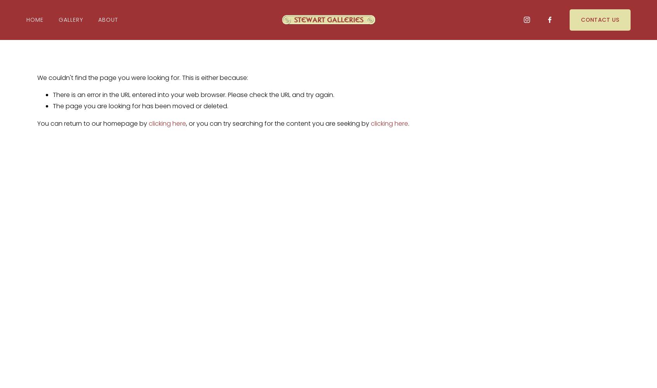  I want to click on 'There is an error in the URL entered into your web browser. Please check the URL and try again.', so click(193, 94).